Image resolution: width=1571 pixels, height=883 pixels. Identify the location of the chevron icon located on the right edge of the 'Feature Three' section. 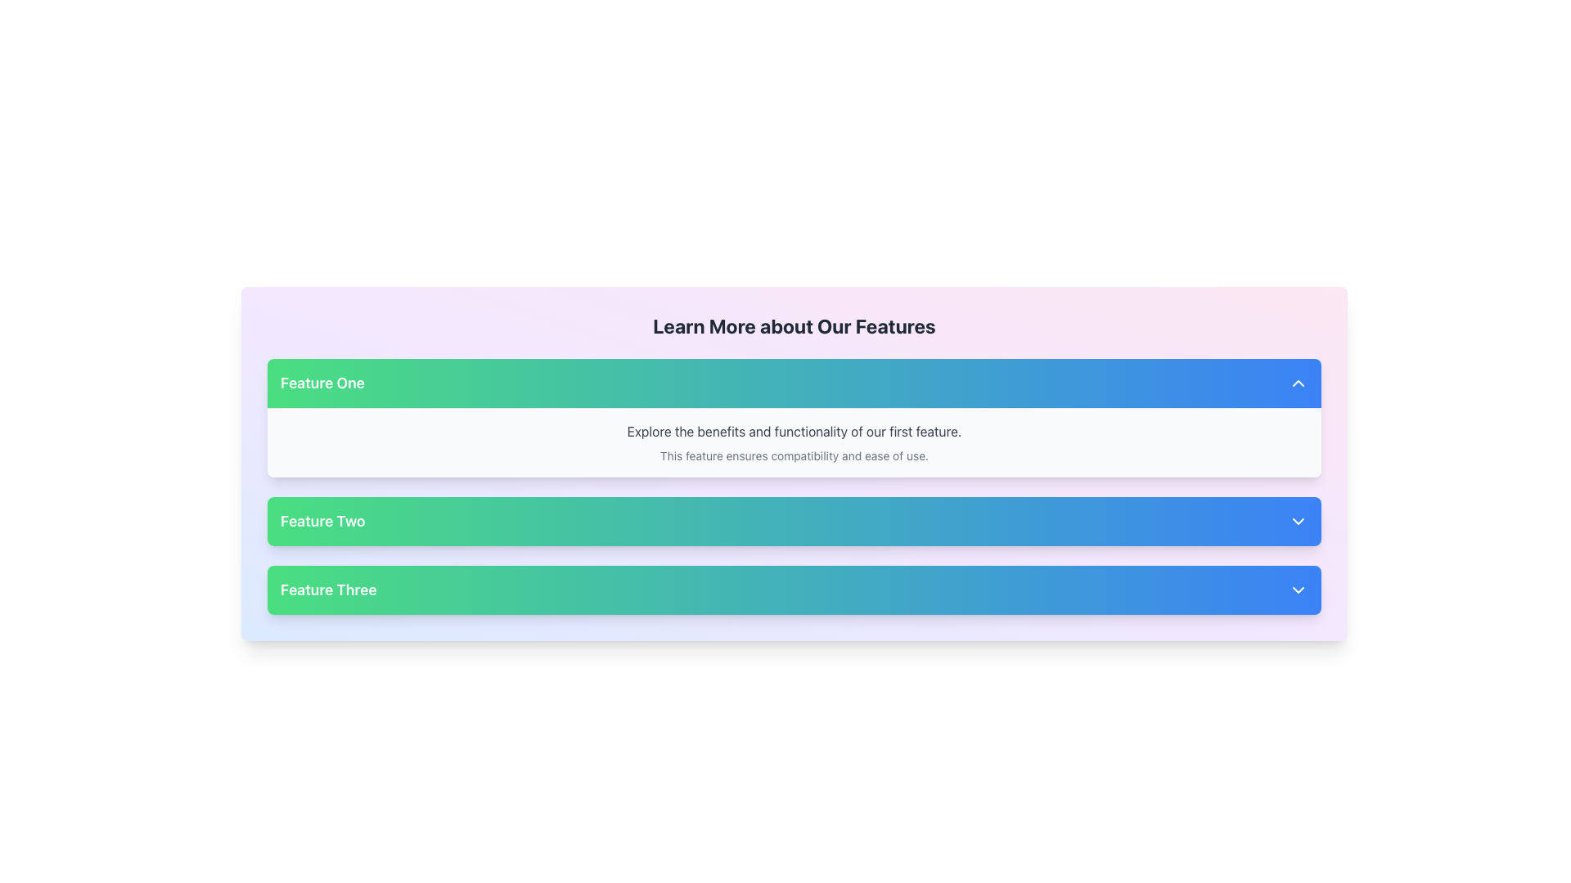
(1298, 589).